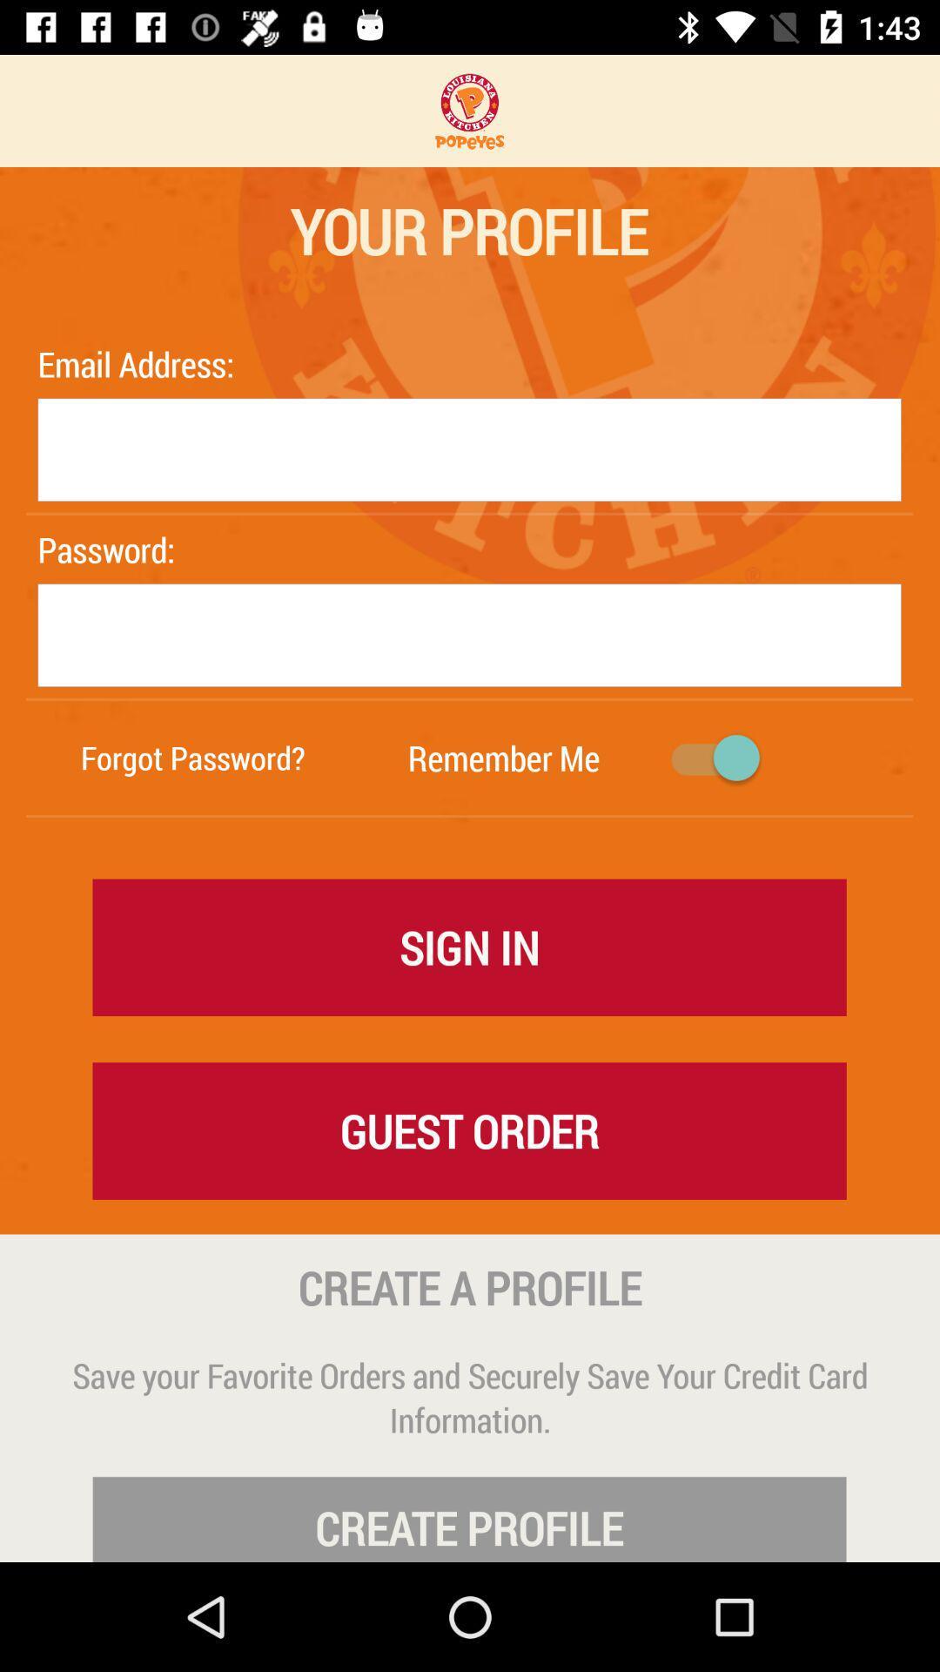 The image size is (940, 1672). I want to click on the forgot password? icon, so click(193, 758).